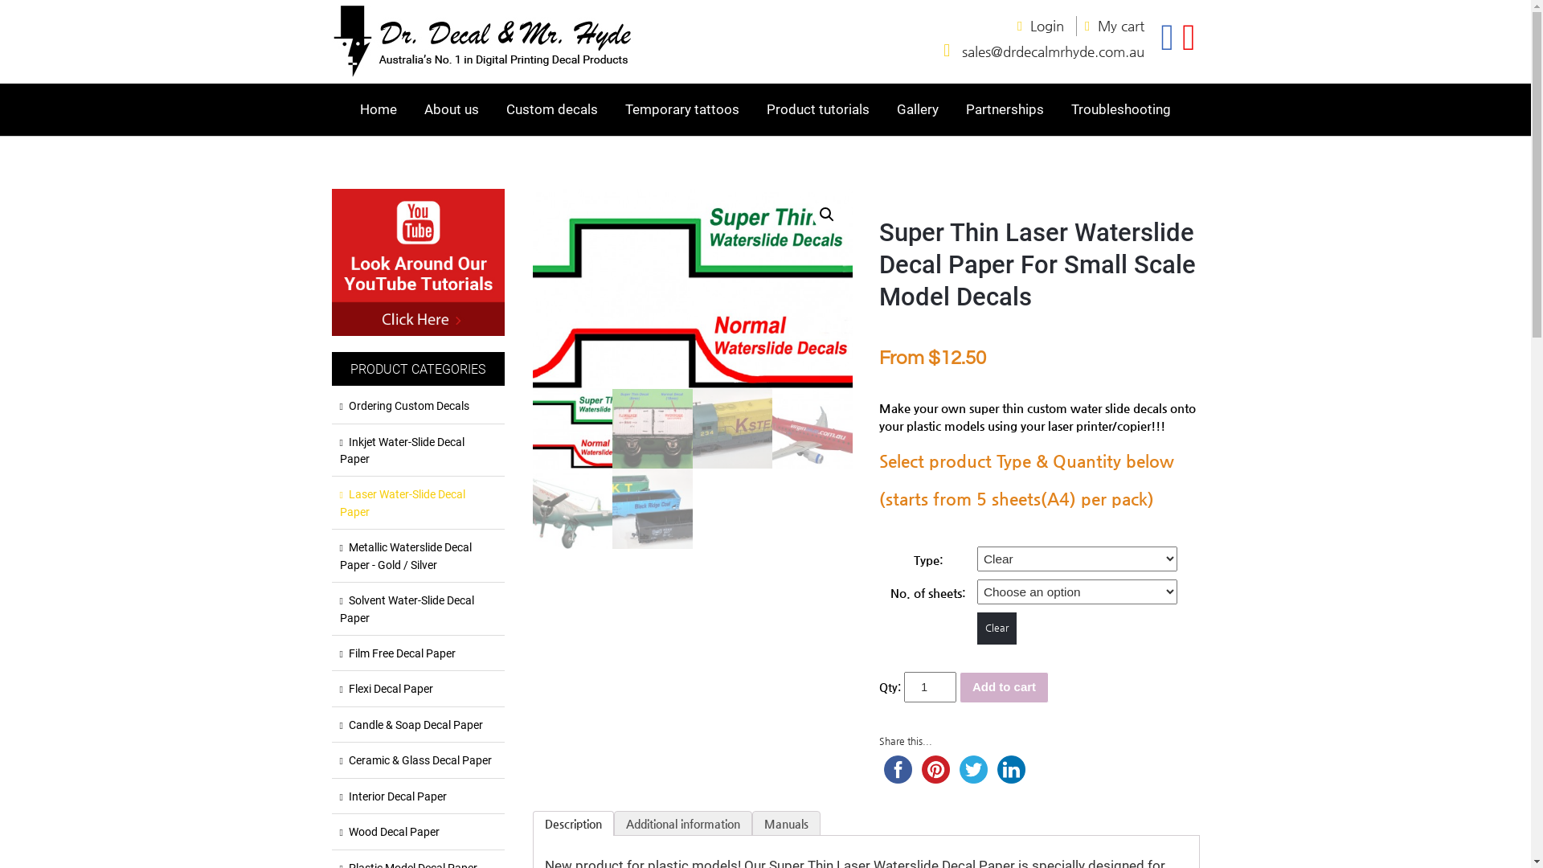 The width and height of the screenshot is (1543, 868). What do you see at coordinates (551, 108) in the screenshot?
I see `'Custom decals'` at bounding box center [551, 108].